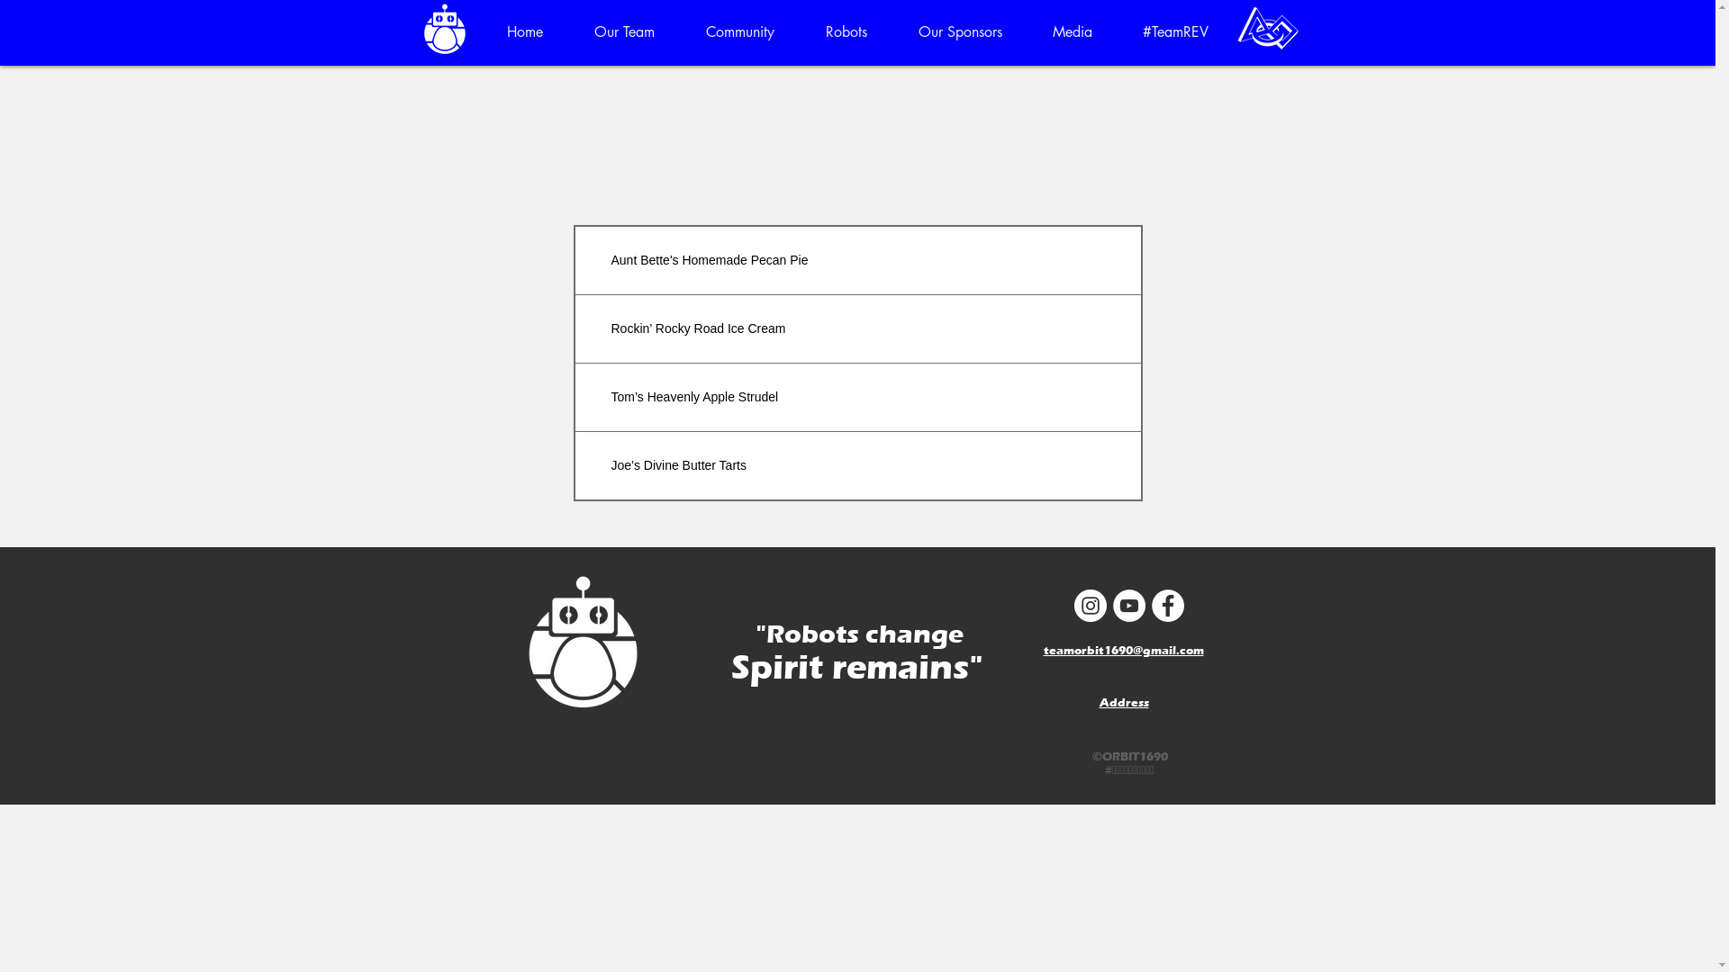 The width and height of the screenshot is (1729, 972). Describe the element at coordinates (625, 31) in the screenshot. I see `'Our Team'` at that location.